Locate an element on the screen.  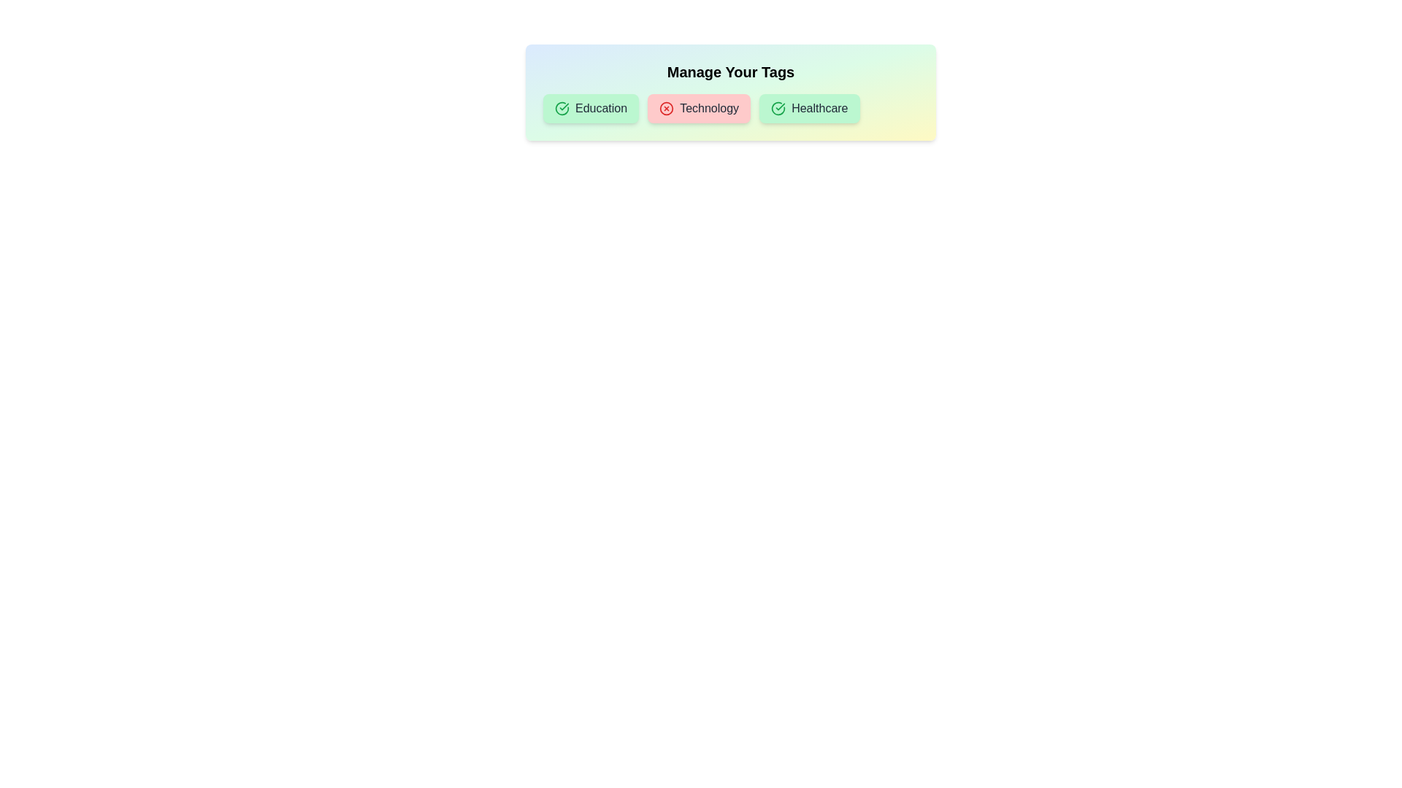
the tag labeled Education is located at coordinates (591, 108).